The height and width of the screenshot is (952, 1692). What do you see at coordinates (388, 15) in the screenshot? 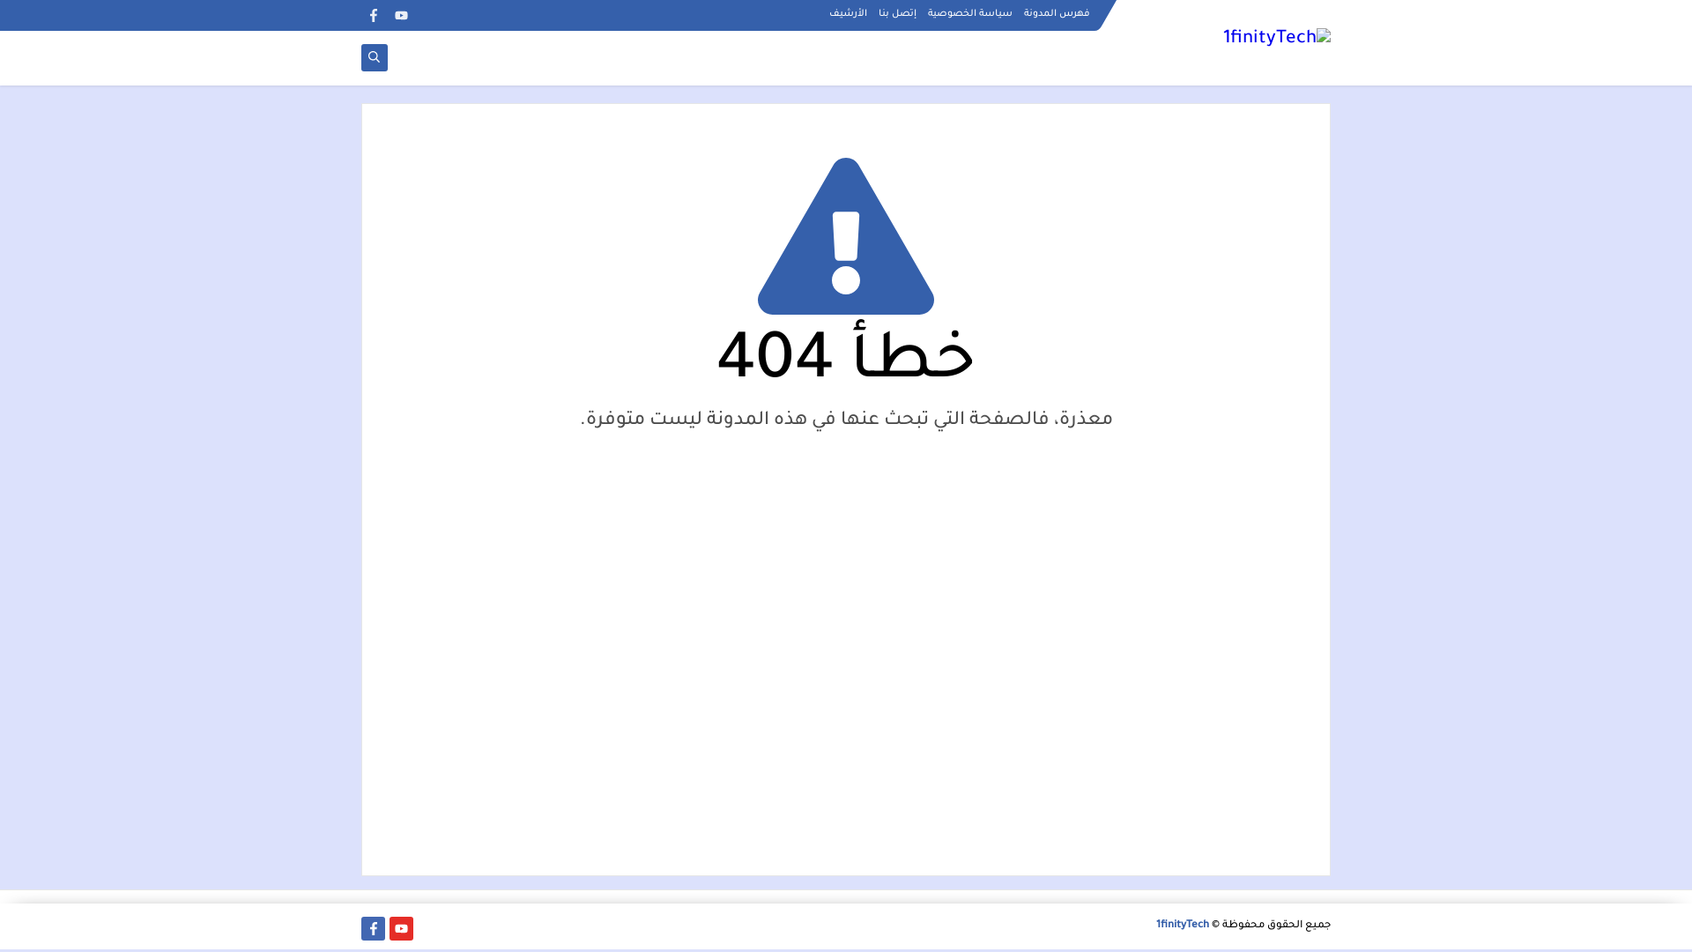
I see `'youtube'` at bounding box center [388, 15].